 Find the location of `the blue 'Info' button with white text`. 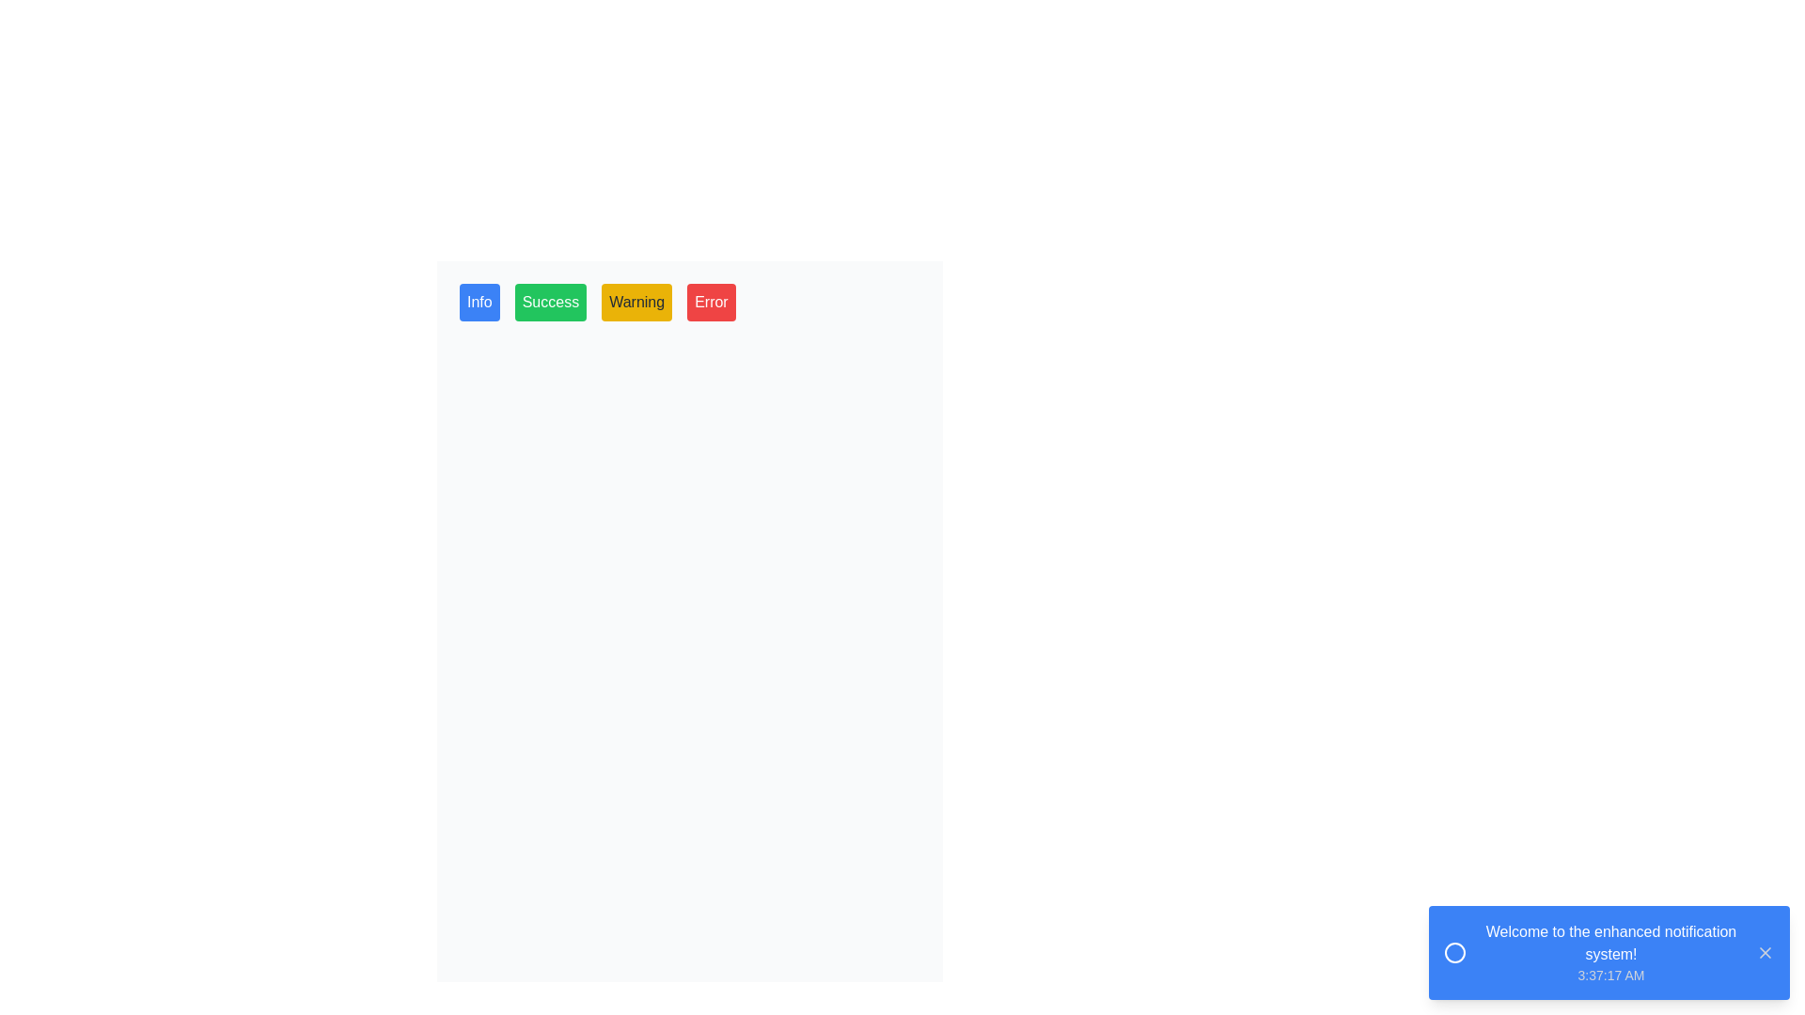

the blue 'Info' button with white text is located at coordinates (479, 301).